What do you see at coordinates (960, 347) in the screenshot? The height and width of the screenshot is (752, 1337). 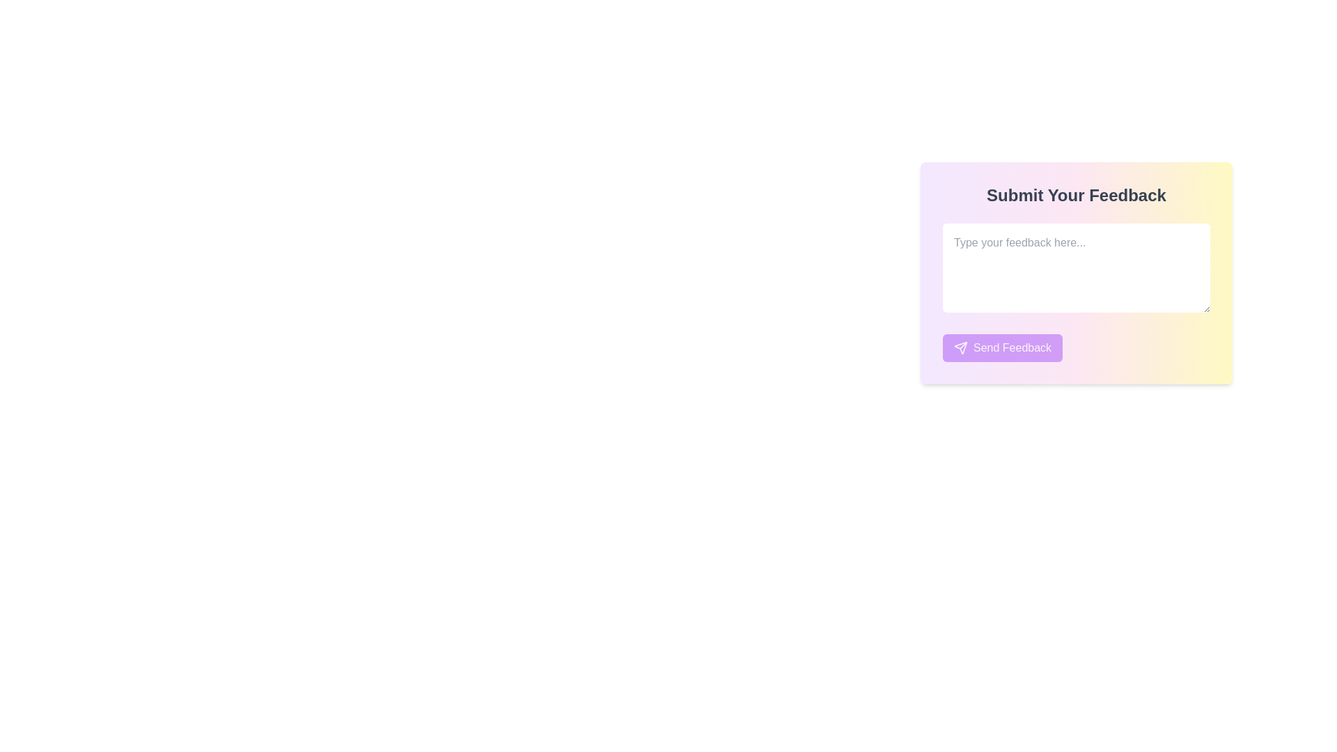 I see `the outlined send button icon resembling a paper airplane, located inside the 'Send Feedback' button, positioned to the left of the button's text` at bounding box center [960, 347].